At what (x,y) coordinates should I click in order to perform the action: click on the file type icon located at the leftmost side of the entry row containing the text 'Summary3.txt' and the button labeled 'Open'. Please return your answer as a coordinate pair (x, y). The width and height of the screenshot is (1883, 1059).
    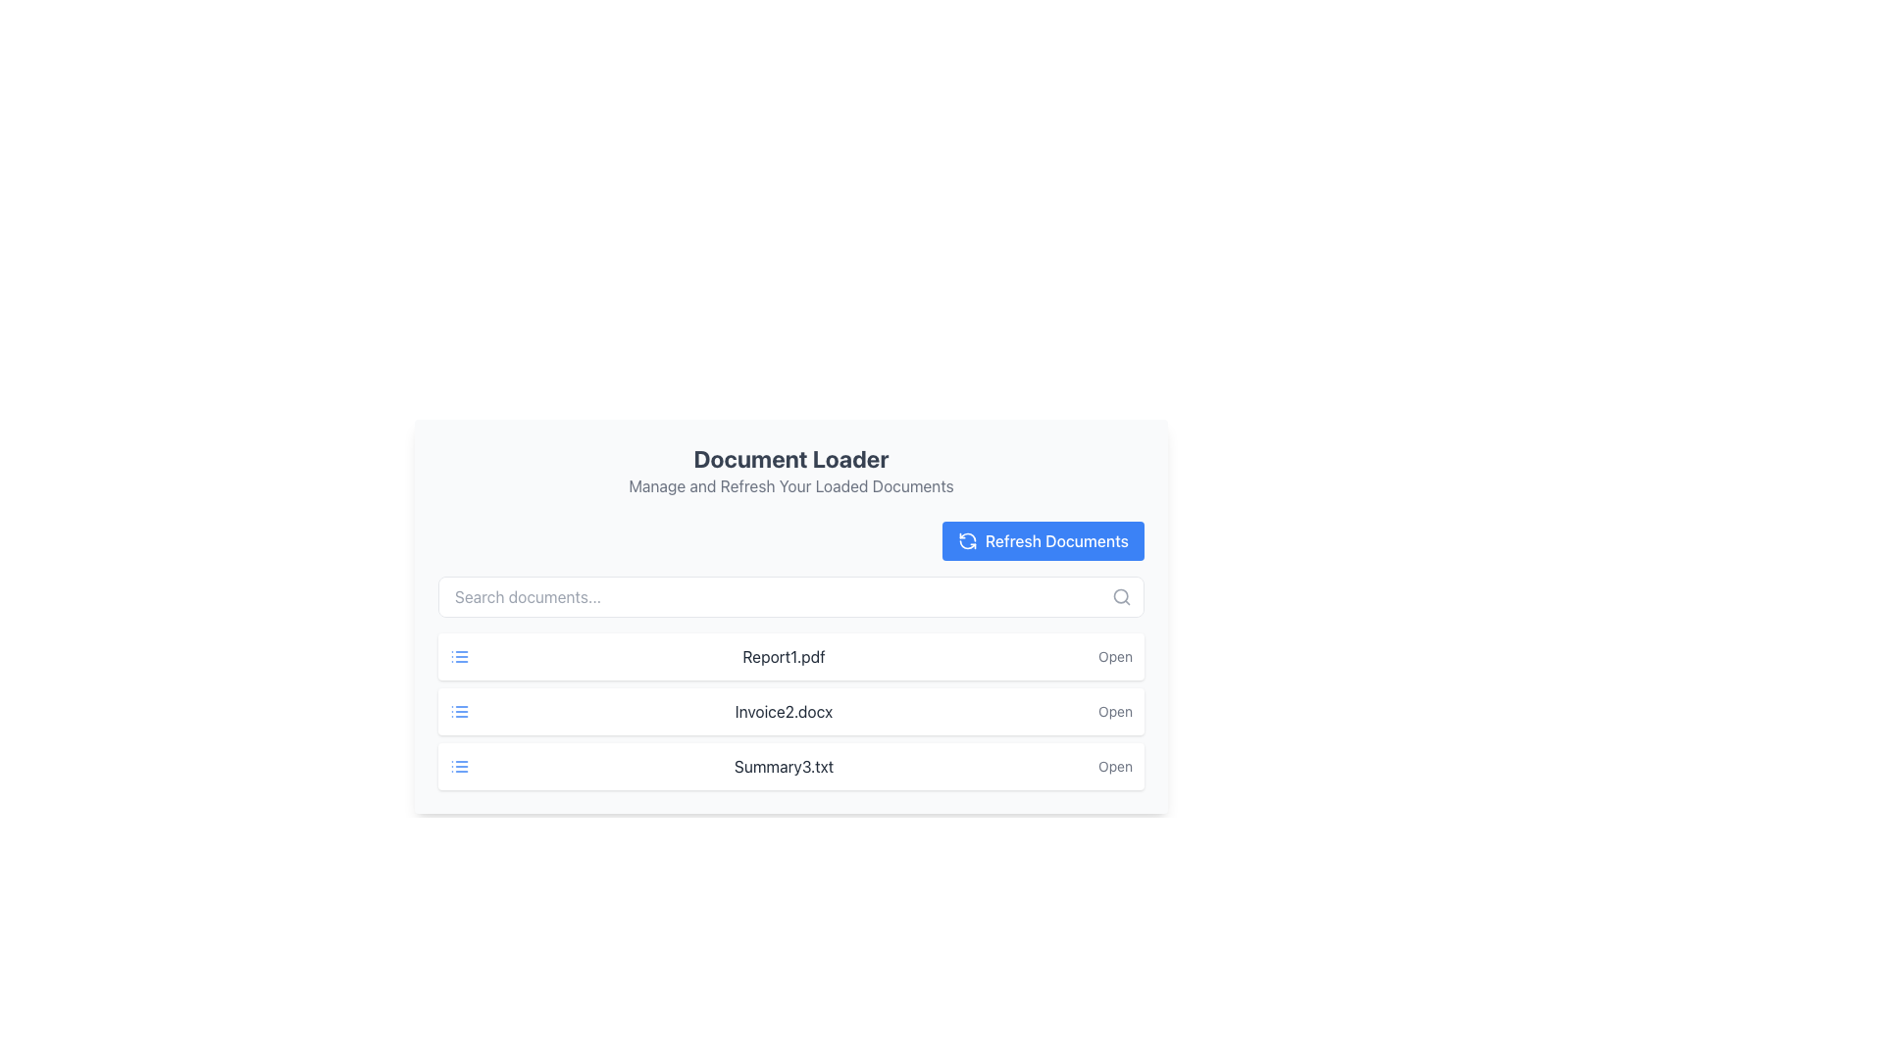
    Looking at the image, I should click on (459, 766).